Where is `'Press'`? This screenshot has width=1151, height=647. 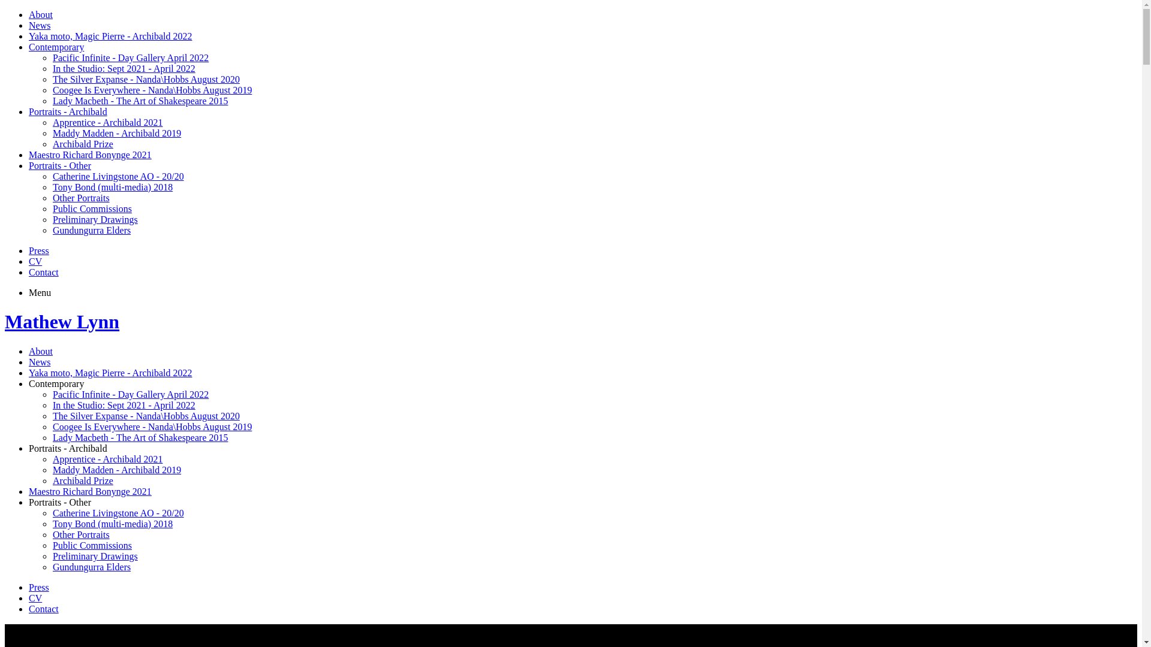
'Press' is located at coordinates (39, 250).